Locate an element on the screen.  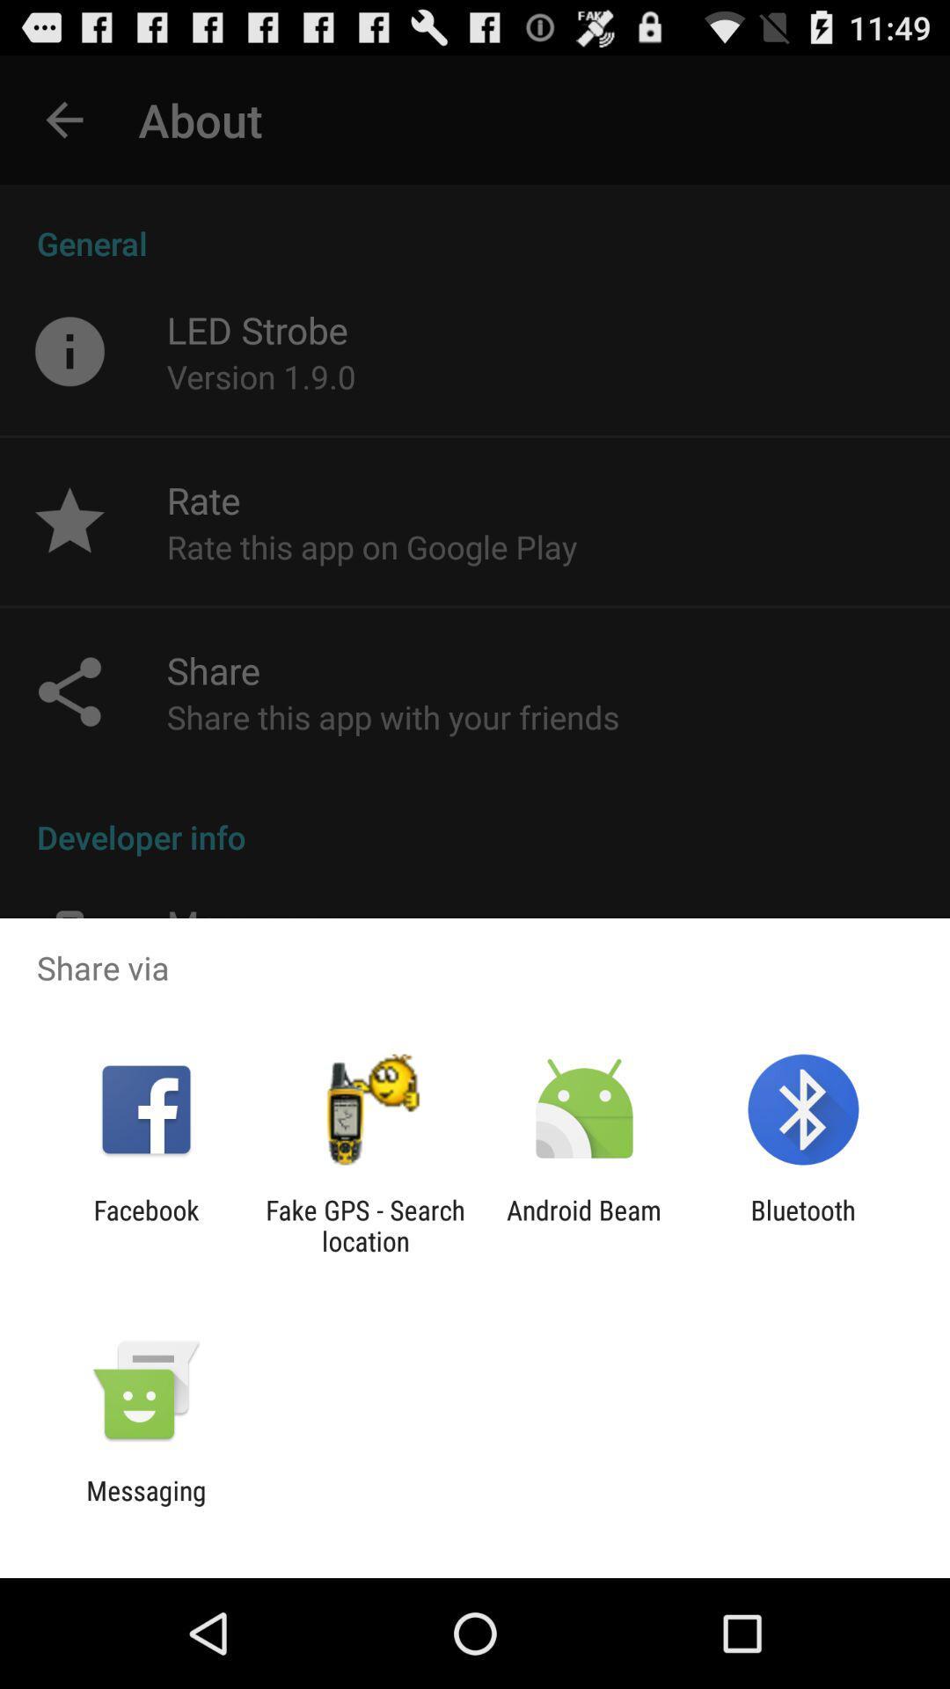
icon to the left of the bluetooth icon is located at coordinates (584, 1225).